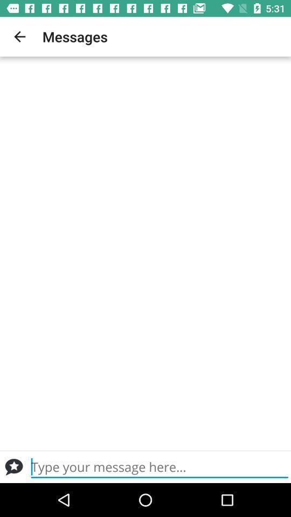 Image resolution: width=291 pixels, height=517 pixels. What do you see at coordinates (19, 37) in the screenshot?
I see `icon next to the messages item` at bounding box center [19, 37].